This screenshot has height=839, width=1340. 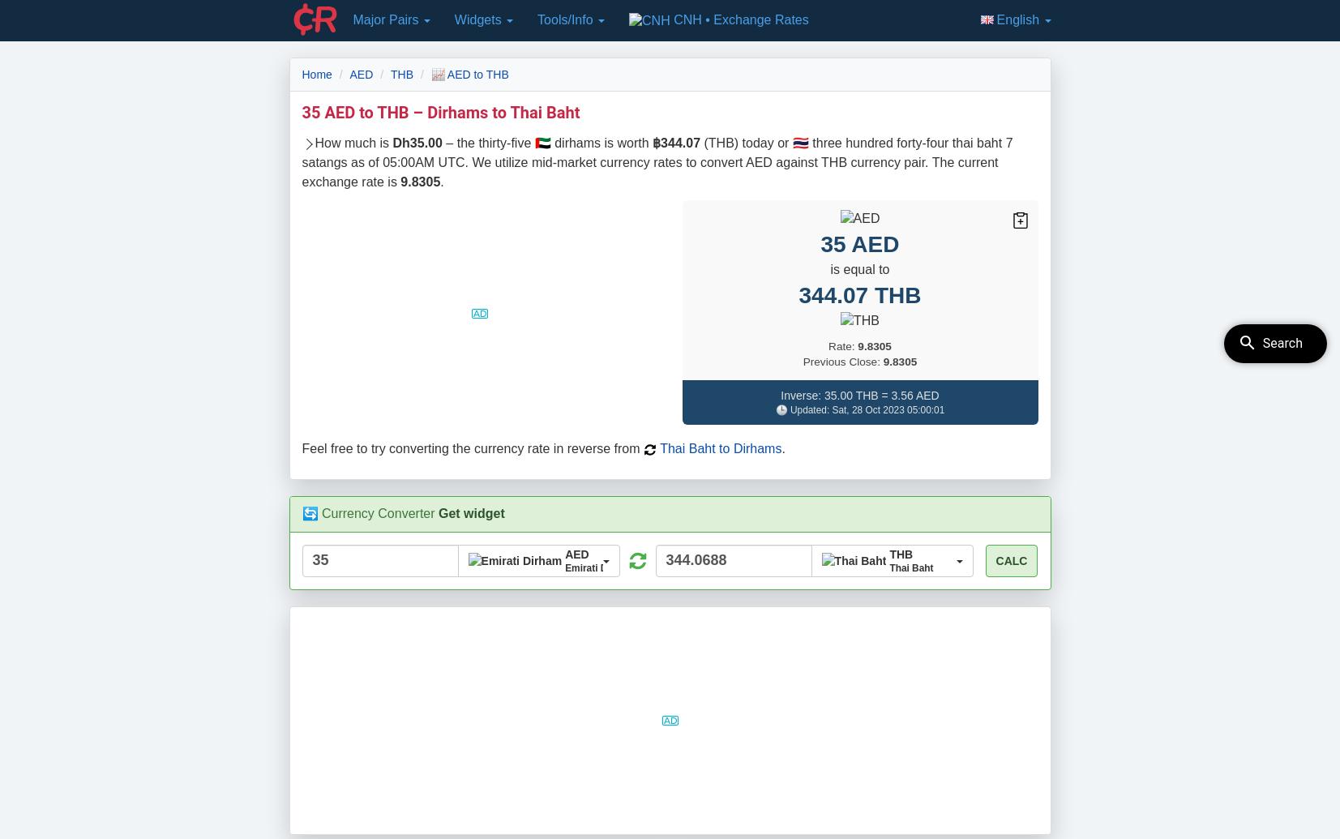 I want to click on '35 AED to THB – Dirhams to Thai Baht', so click(x=439, y=111).